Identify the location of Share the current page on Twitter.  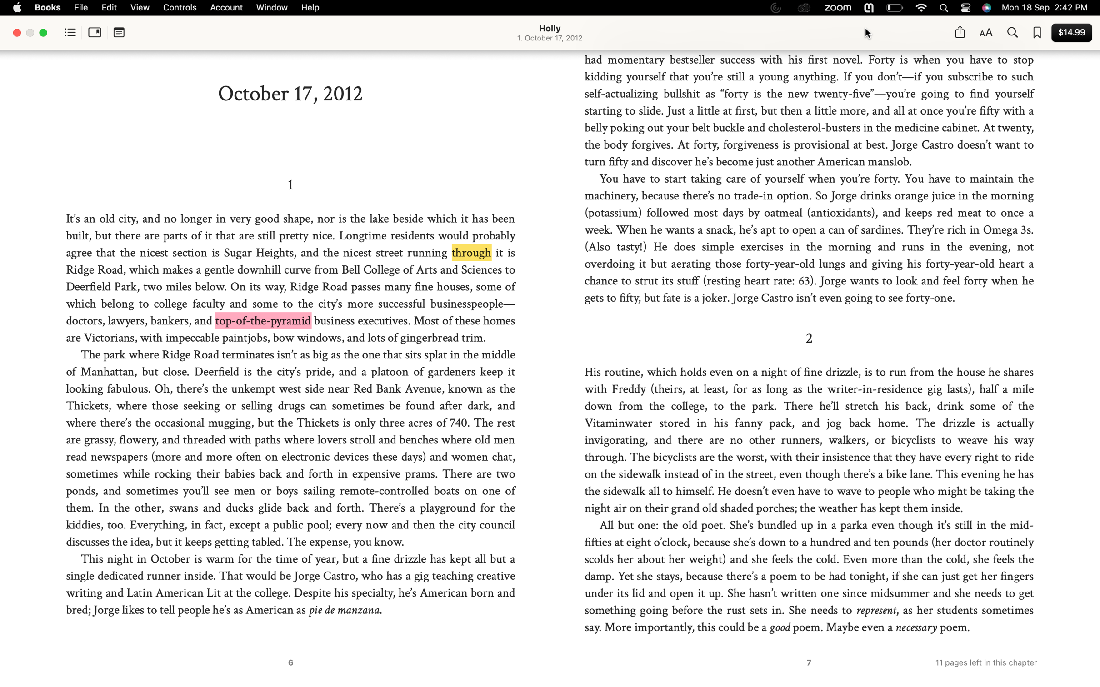
(959, 32).